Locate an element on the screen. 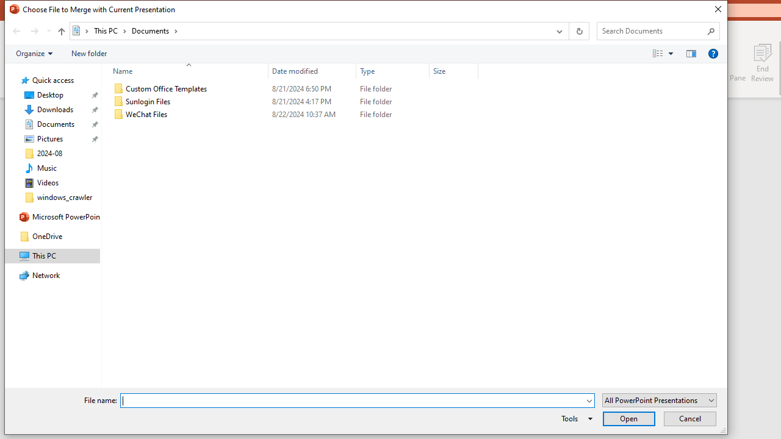  'Files of type:' is located at coordinates (658, 400).